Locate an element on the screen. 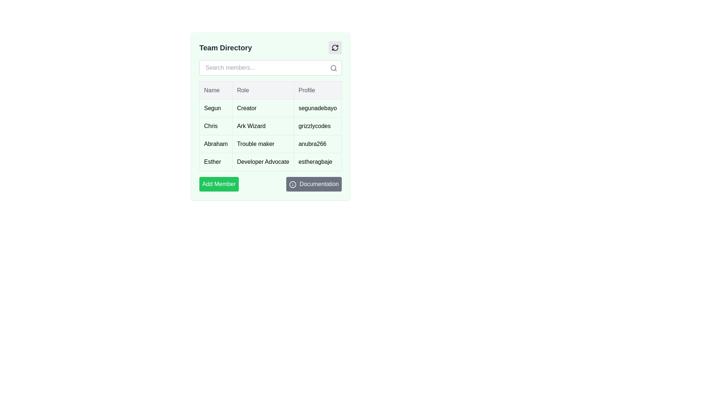  the Text Label displaying the username 'Esther' in the profile column of the table is located at coordinates (318, 161).